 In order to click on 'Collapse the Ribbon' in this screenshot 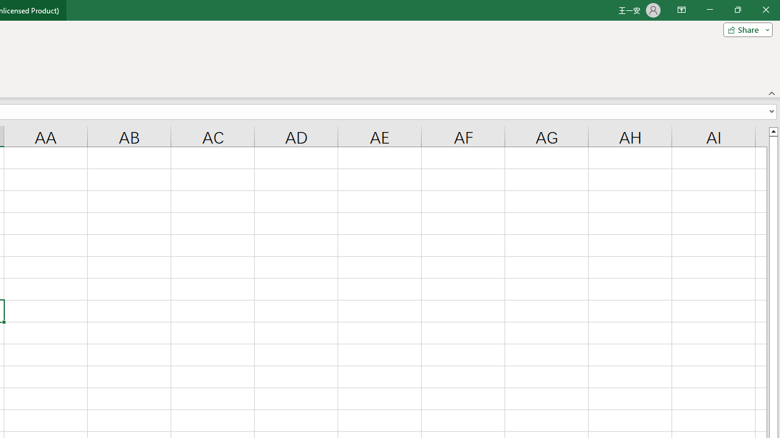, I will do `click(771, 92)`.